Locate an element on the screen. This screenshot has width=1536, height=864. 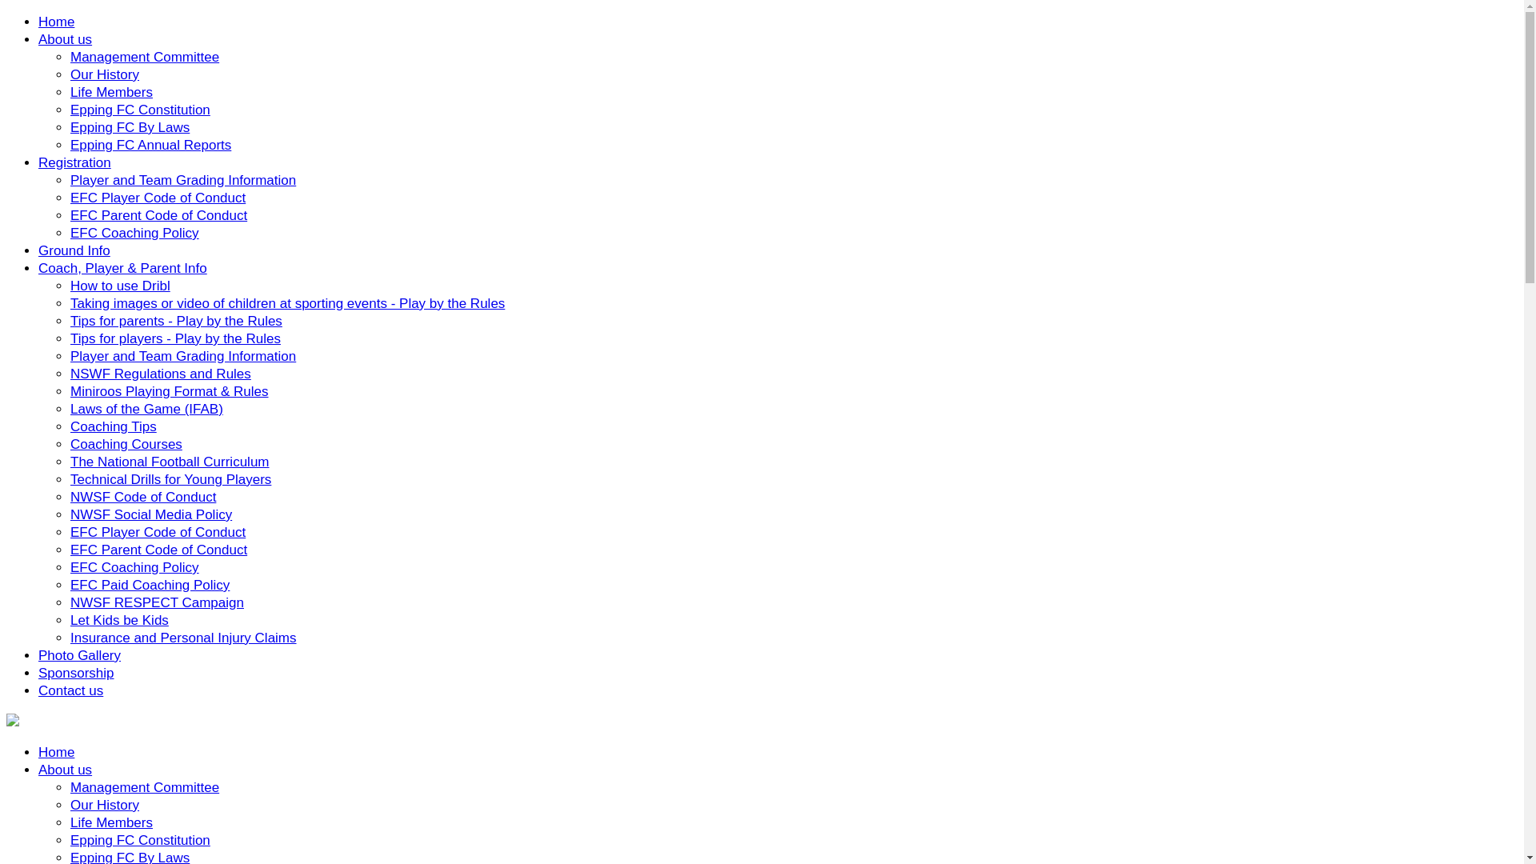
'Epping FC Constitution' is located at coordinates (140, 839).